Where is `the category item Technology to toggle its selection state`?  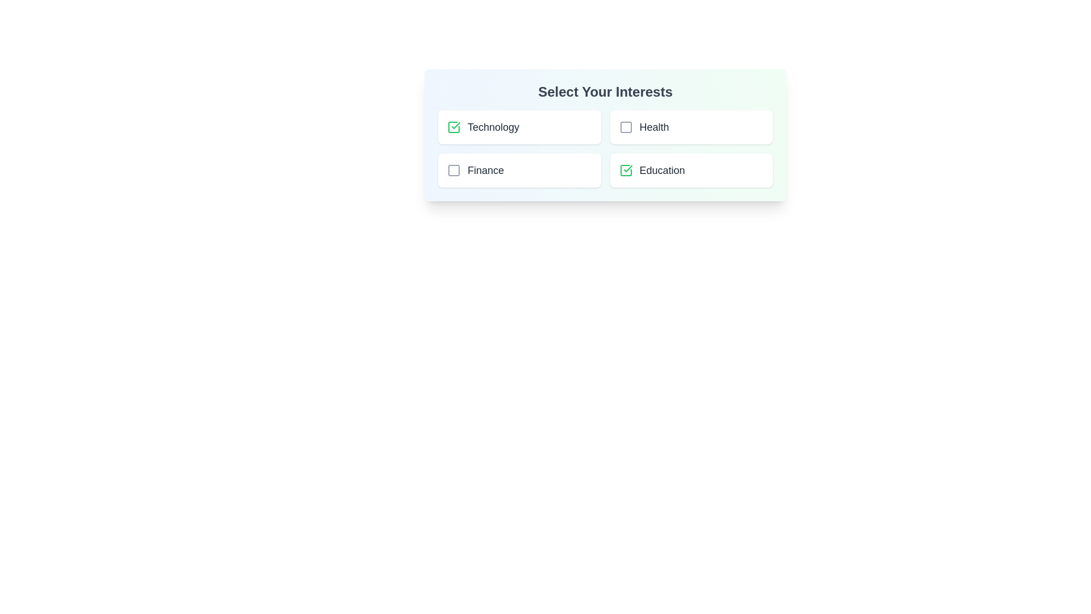
the category item Technology to toggle its selection state is located at coordinates (519, 127).